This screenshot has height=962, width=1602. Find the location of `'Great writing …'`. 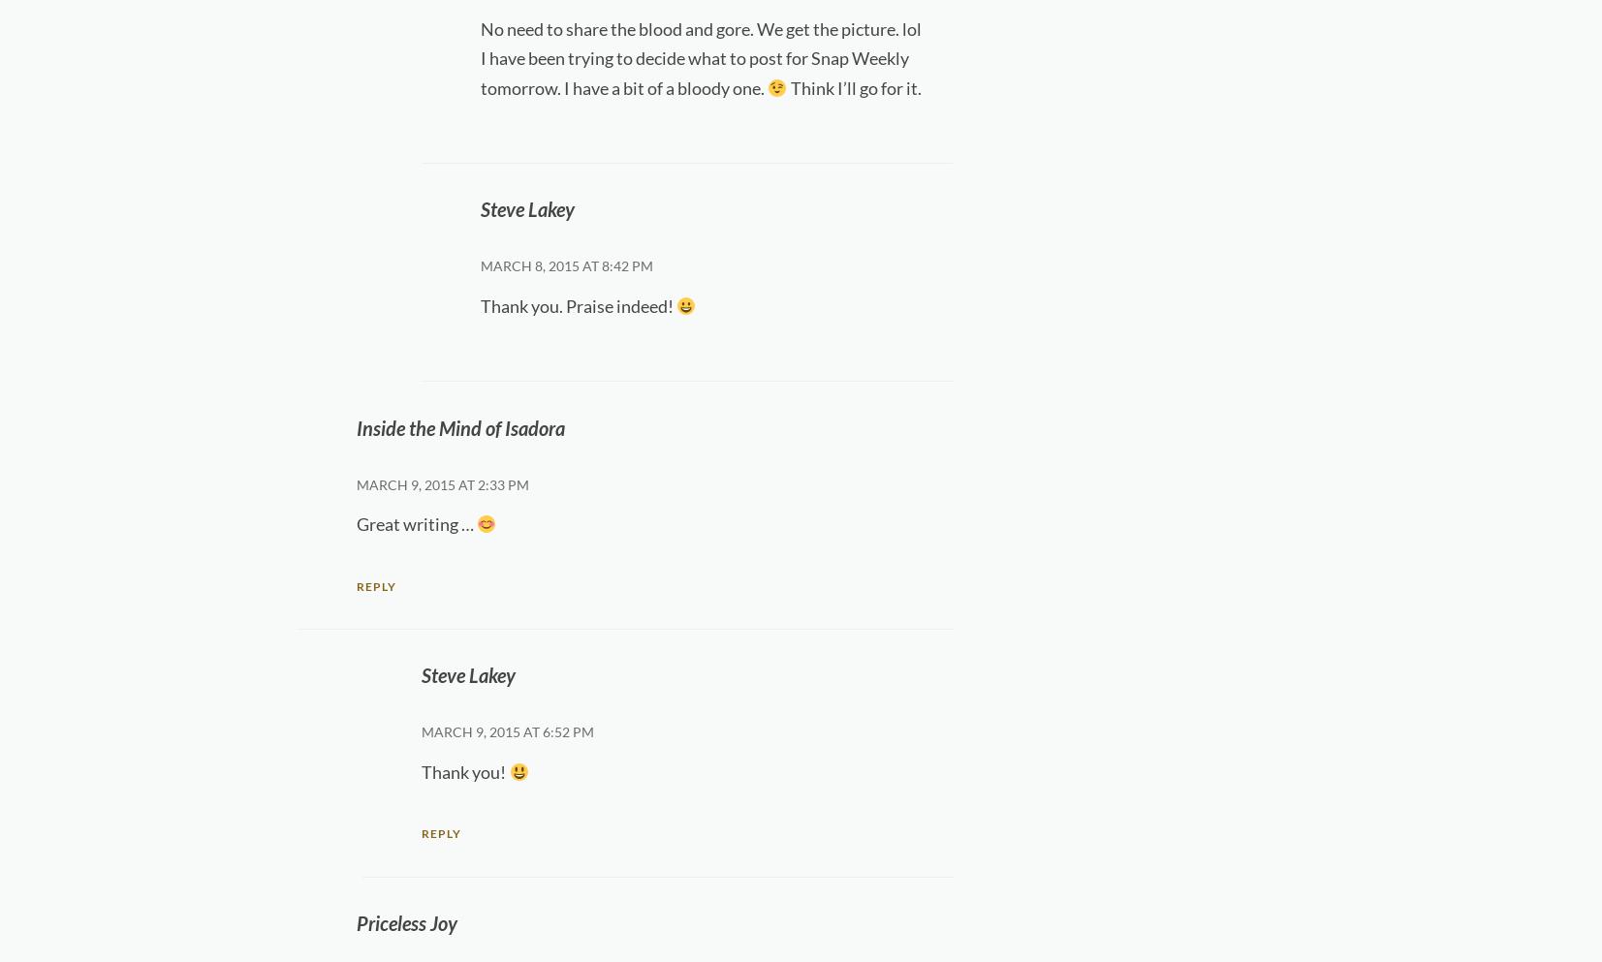

'Great writing …' is located at coordinates (354, 522).